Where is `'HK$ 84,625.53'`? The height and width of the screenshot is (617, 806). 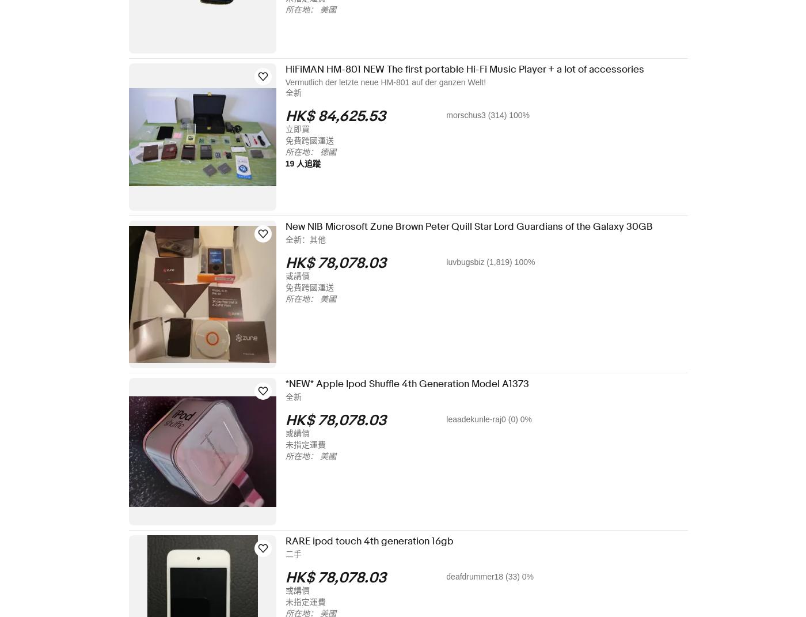 'HK$ 84,625.53' is located at coordinates (343, 116).